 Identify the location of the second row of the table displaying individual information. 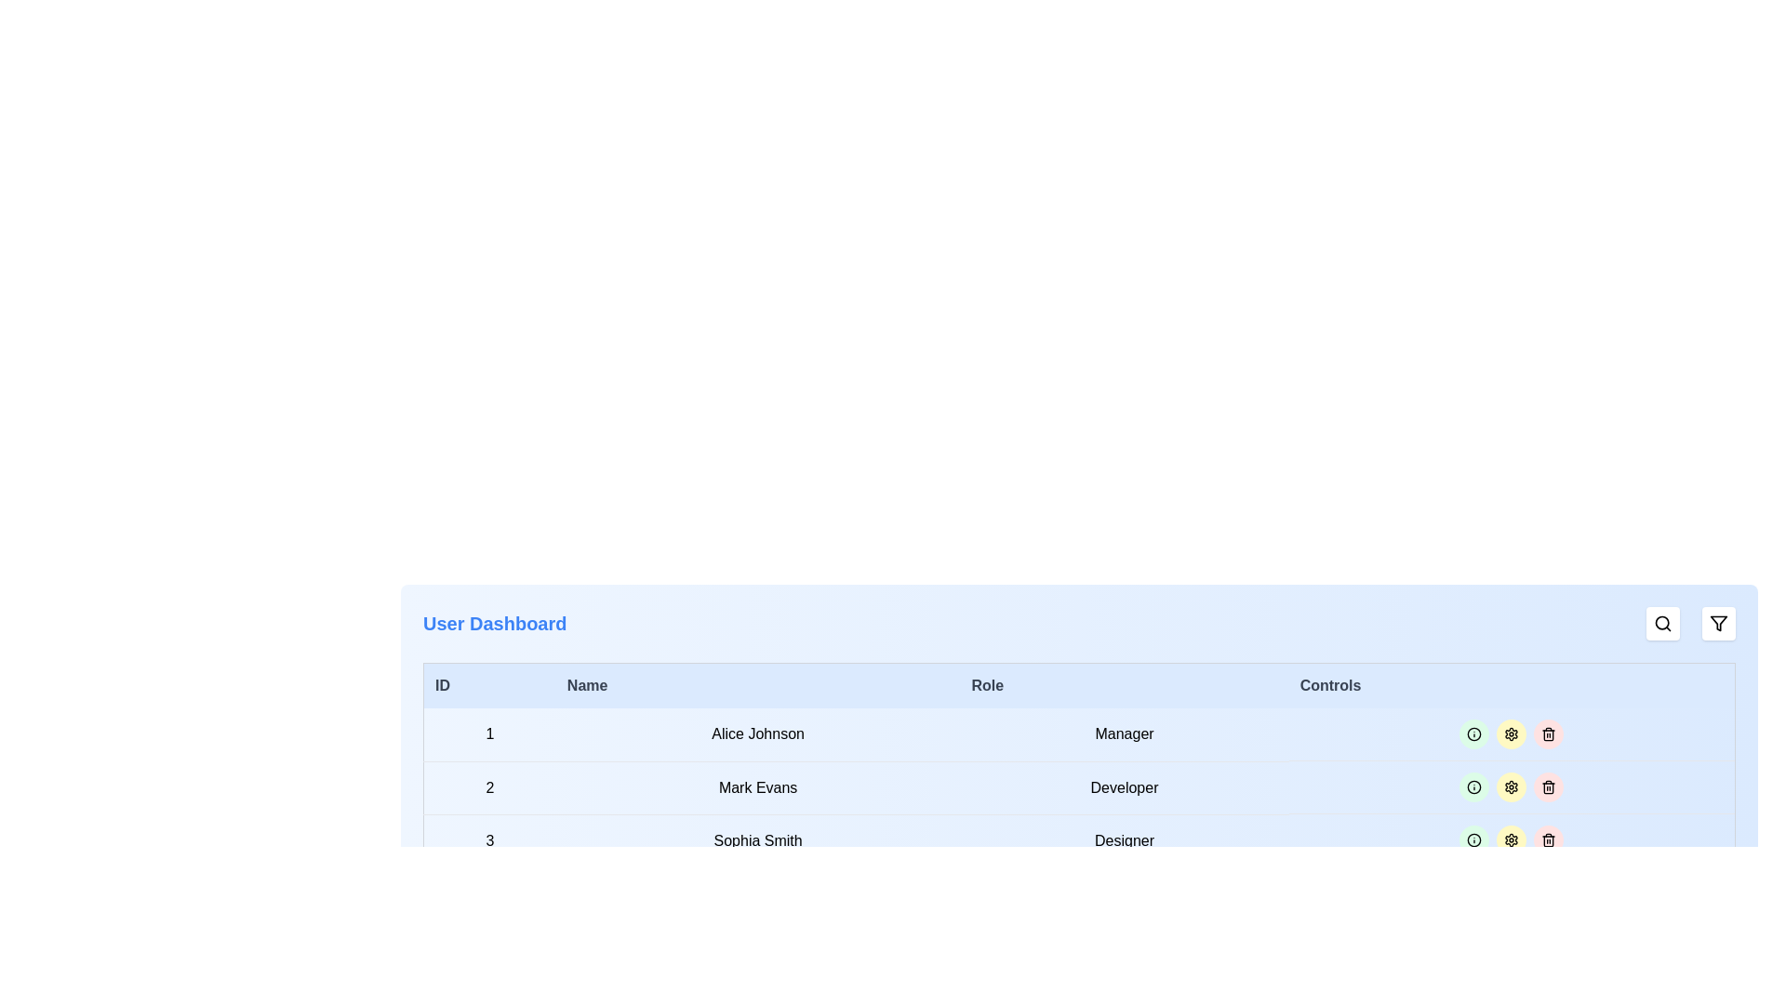
(1079, 787).